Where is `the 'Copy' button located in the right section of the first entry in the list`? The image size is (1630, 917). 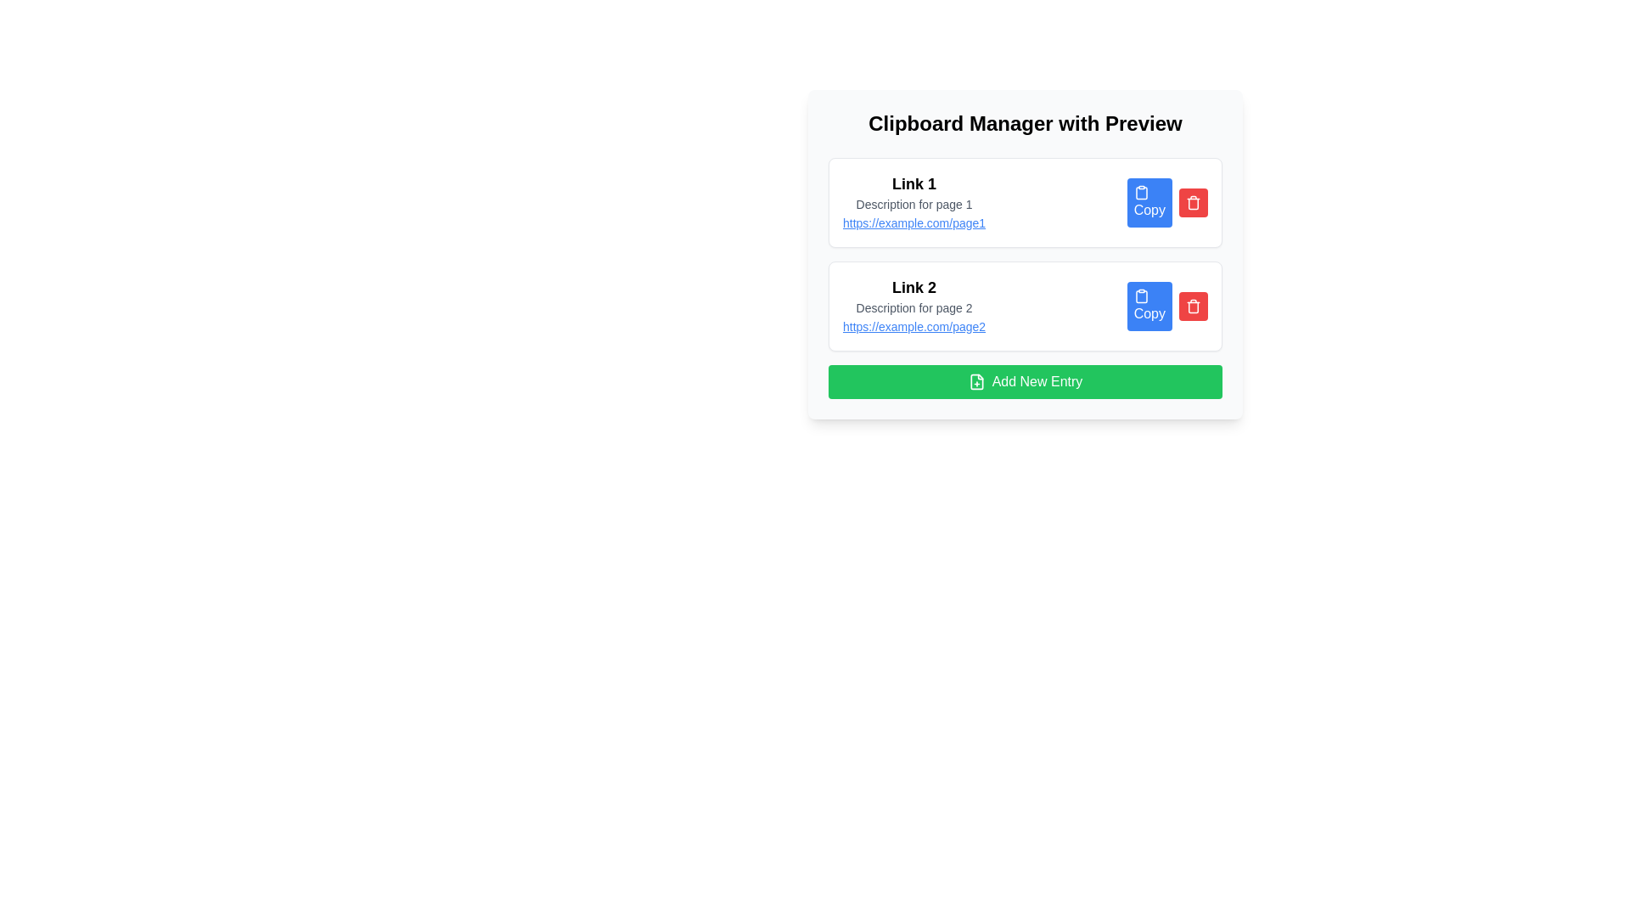 the 'Copy' button located in the right section of the first entry in the list is located at coordinates (1166, 202).